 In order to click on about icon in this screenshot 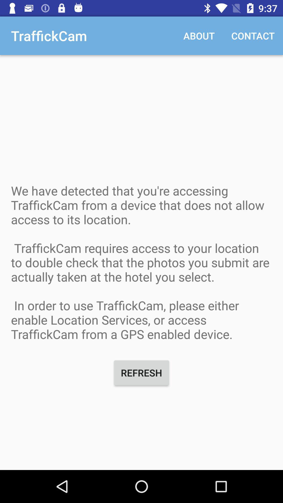, I will do `click(199, 35)`.